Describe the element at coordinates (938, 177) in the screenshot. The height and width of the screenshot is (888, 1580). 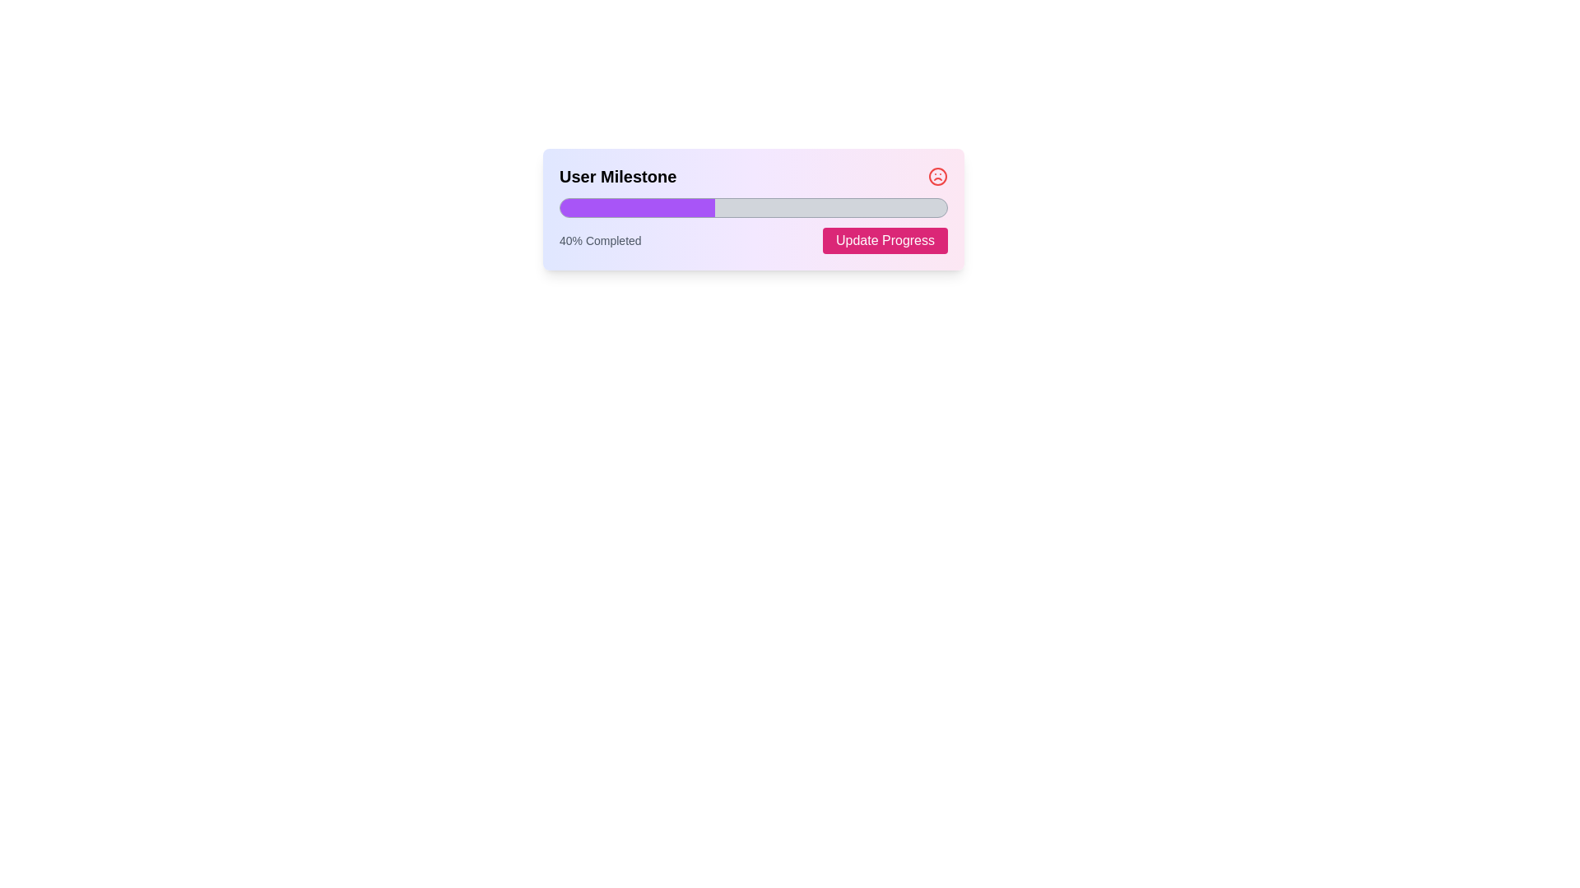
I see `the SVG circle element that forms part of the frown icon, located at the top-right section of the interface within a rectangular card displaying progress information` at that location.